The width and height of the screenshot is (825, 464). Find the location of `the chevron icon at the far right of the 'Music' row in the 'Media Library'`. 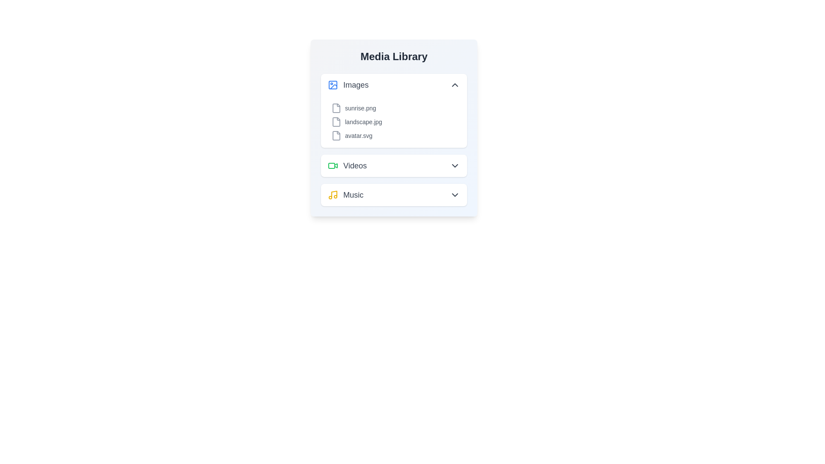

the chevron icon at the far right of the 'Music' row in the 'Media Library' is located at coordinates (455, 195).